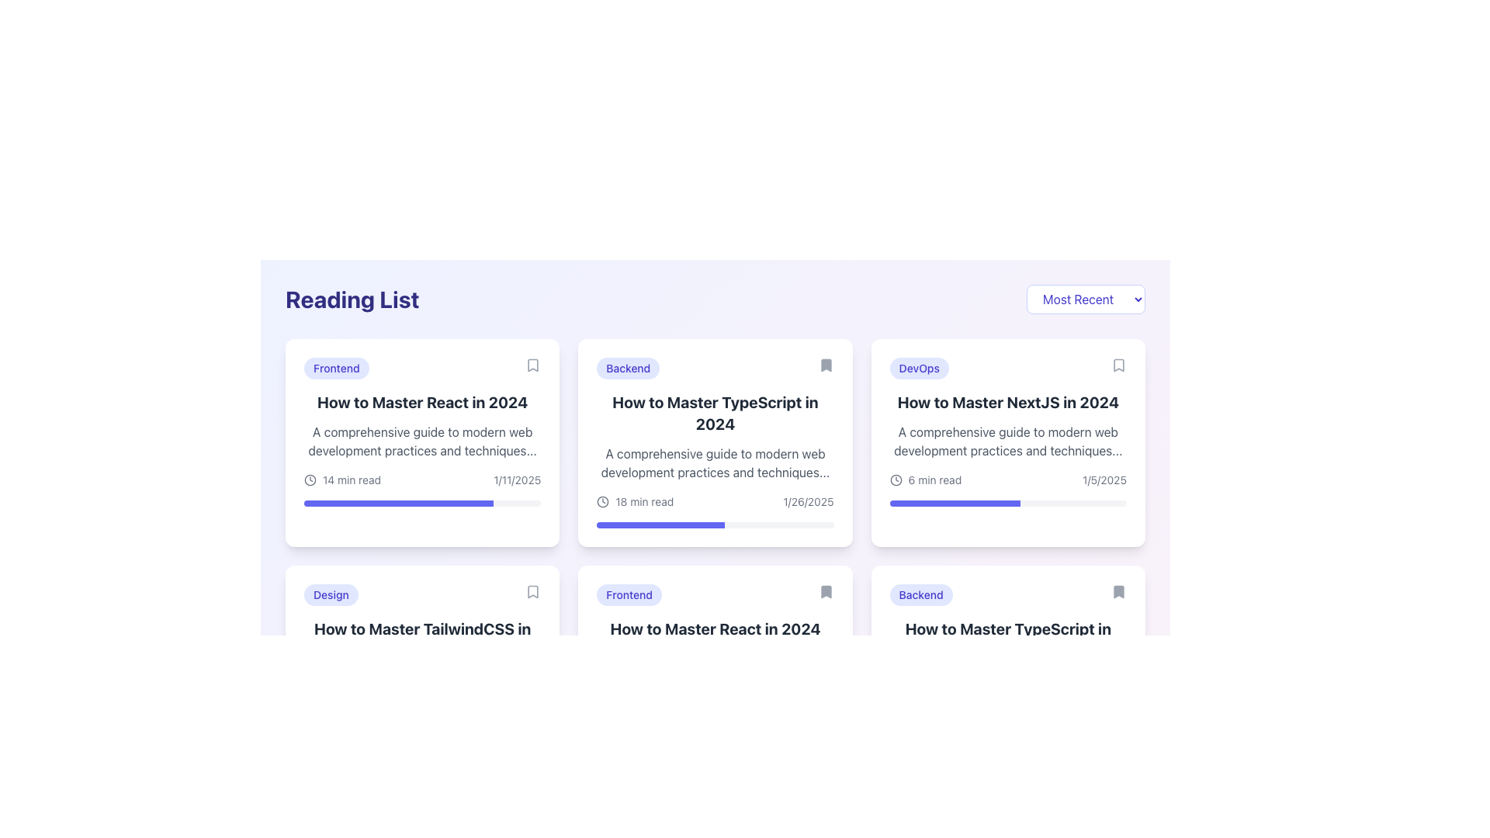  I want to click on the non-interactive pill-shaped badge labeled 'Backend' located in the second card, above the title 'How to Master TypeScript in 2024', so click(628, 368).